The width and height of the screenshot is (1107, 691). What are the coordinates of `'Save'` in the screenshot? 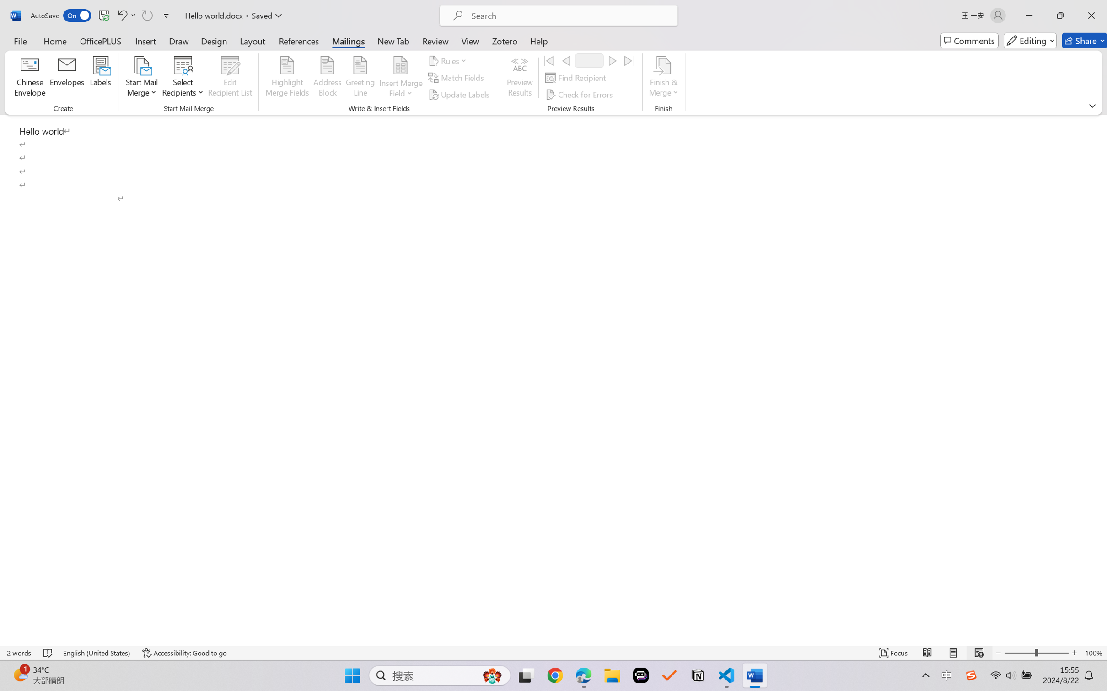 It's located at (103, 15).